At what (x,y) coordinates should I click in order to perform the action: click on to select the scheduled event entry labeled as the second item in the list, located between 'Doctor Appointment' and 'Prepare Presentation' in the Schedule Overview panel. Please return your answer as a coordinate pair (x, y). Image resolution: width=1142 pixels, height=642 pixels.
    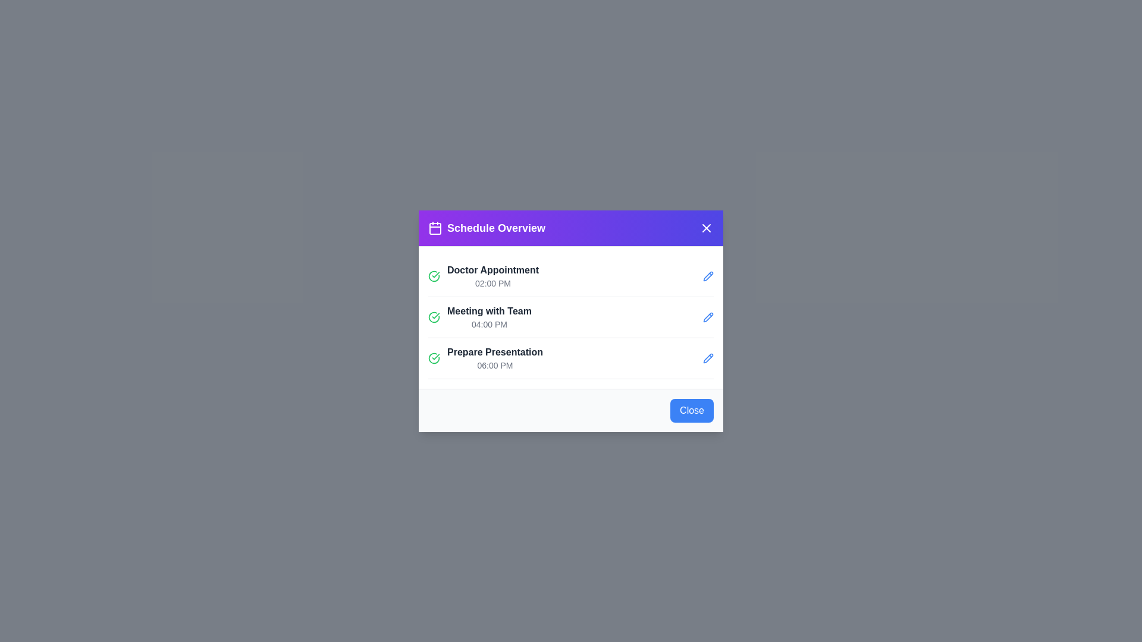
    Looking at the image, I should click on (479, 316).